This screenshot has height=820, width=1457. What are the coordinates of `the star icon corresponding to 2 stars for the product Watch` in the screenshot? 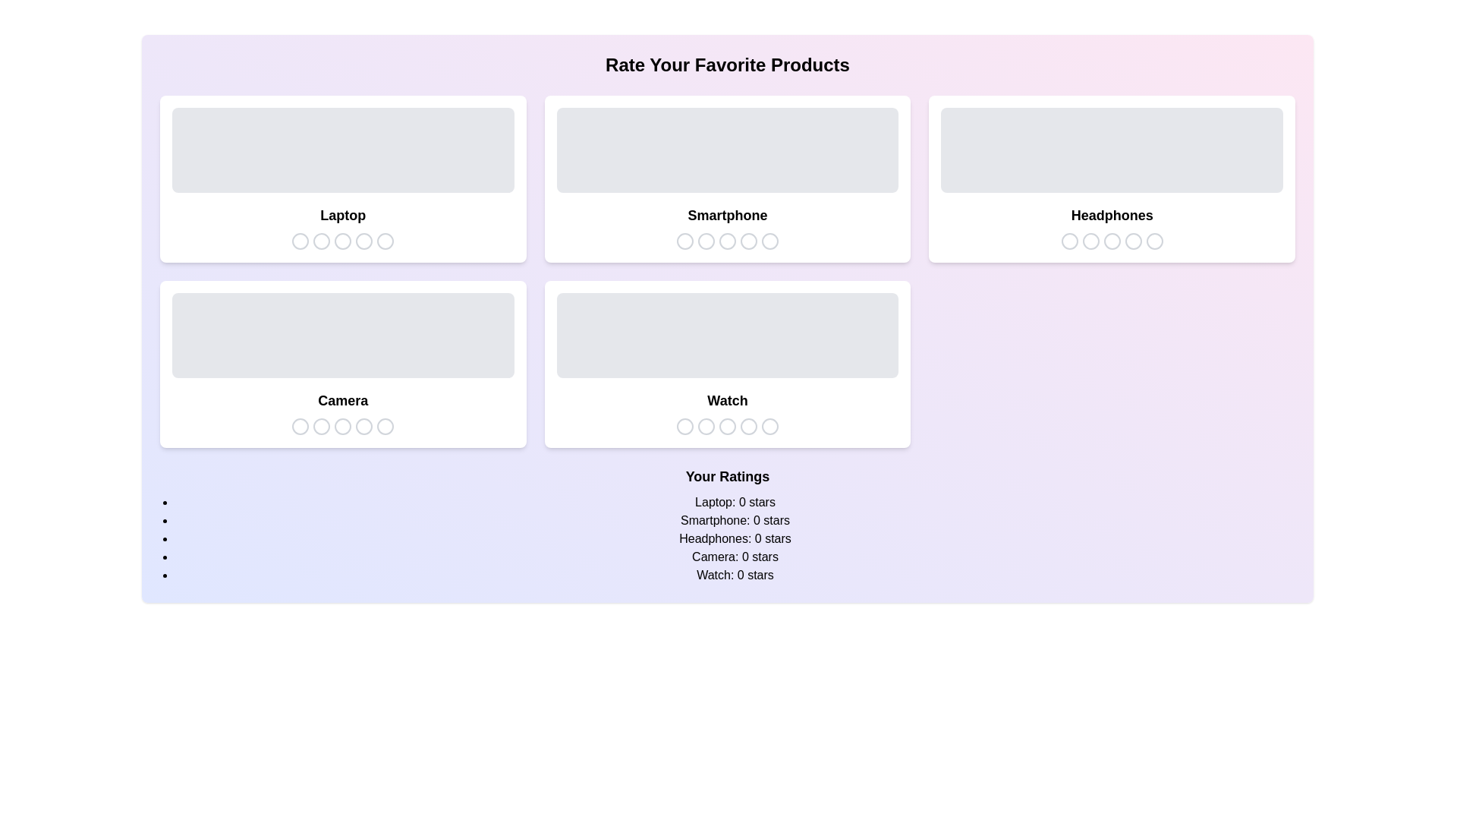 It's located at (705, 427).